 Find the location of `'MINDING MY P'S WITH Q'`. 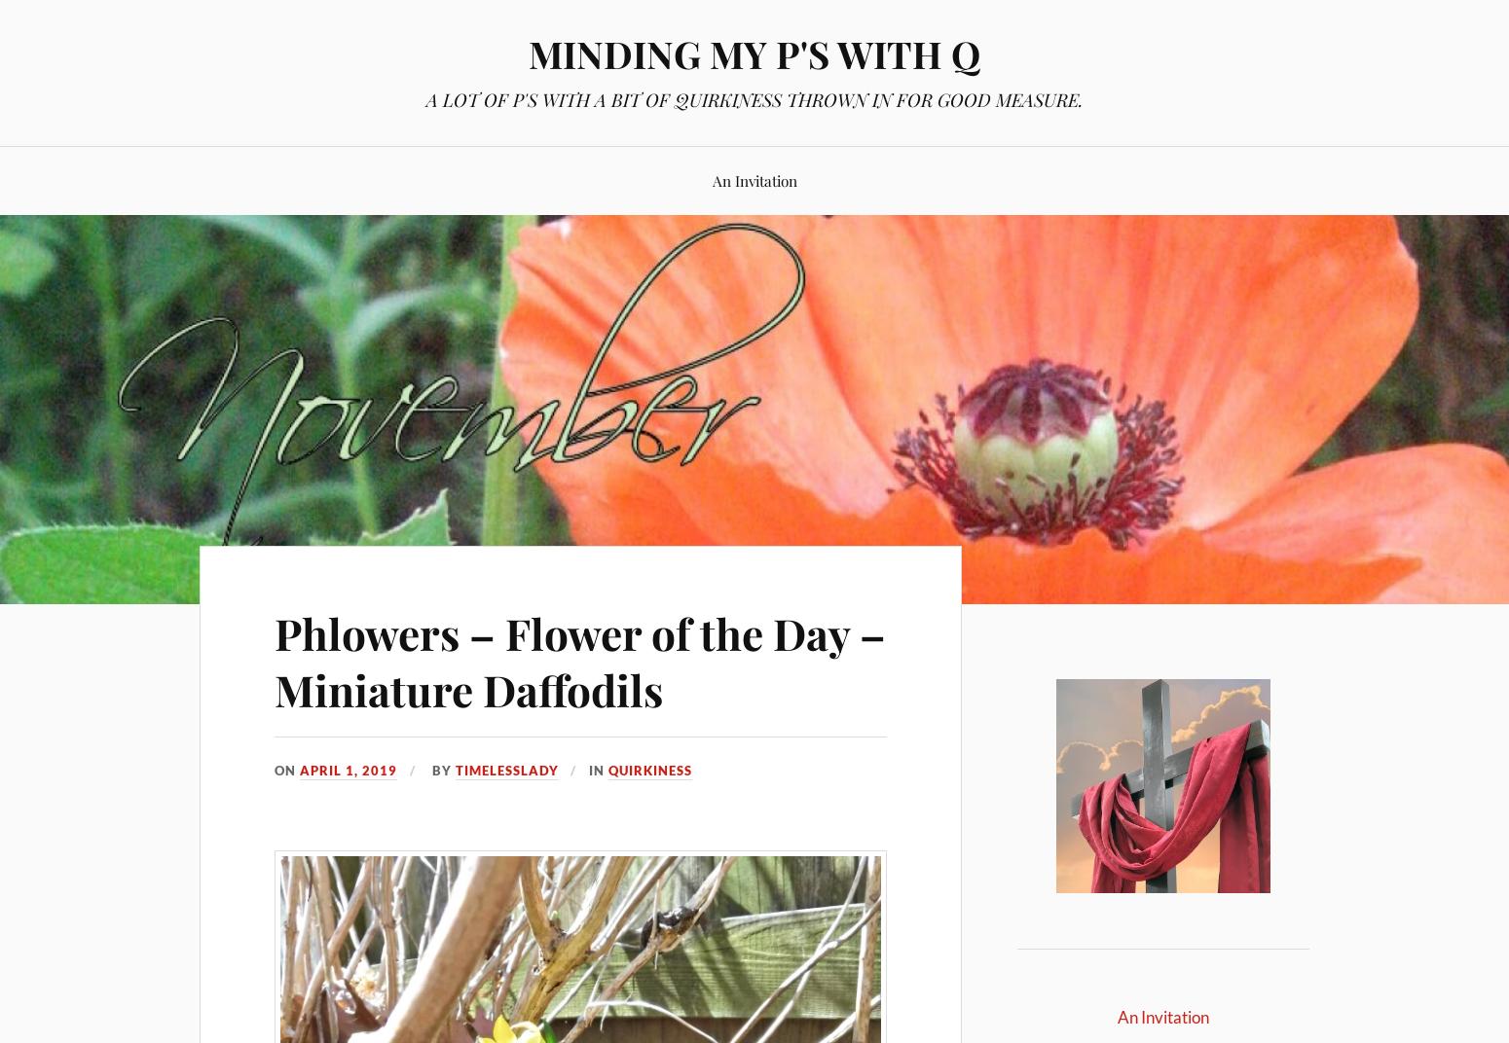

'MINDING MY P'S WITH Q' is located at coordinates (754, 53).